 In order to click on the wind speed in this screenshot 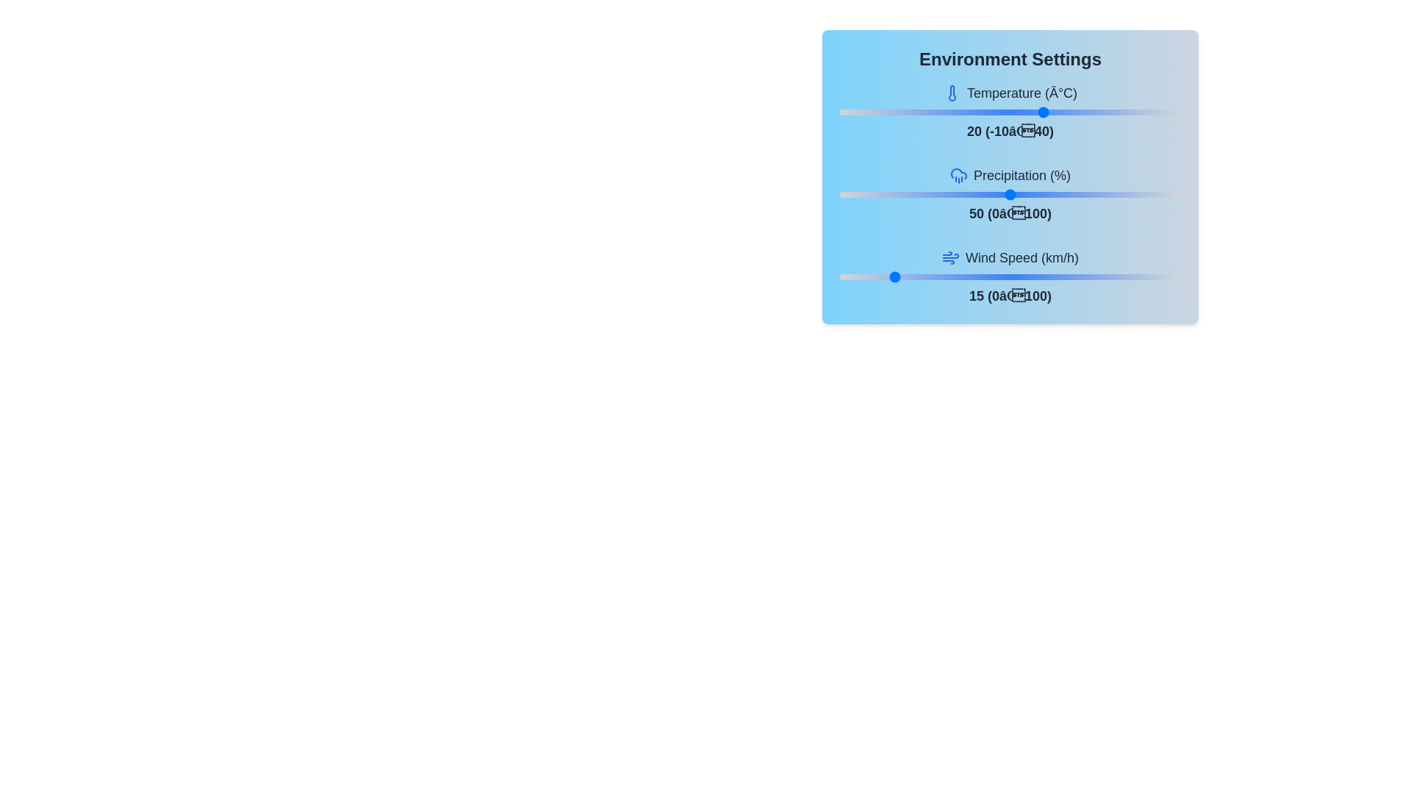, I will do `click(1092, 277)`.